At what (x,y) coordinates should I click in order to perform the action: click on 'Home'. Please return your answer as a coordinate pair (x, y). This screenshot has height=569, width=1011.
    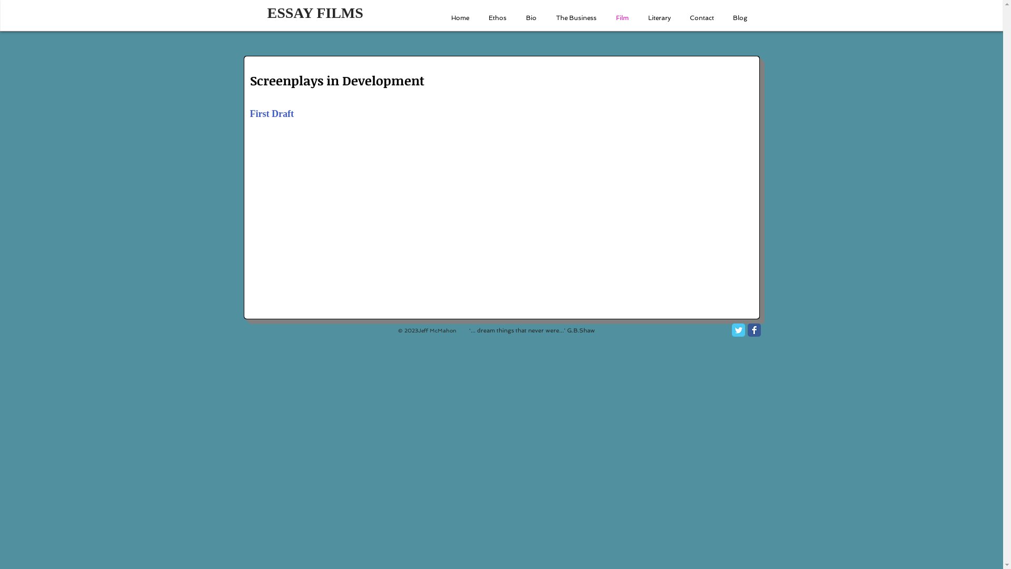
    Looking at the image, I should click on (459, 18).